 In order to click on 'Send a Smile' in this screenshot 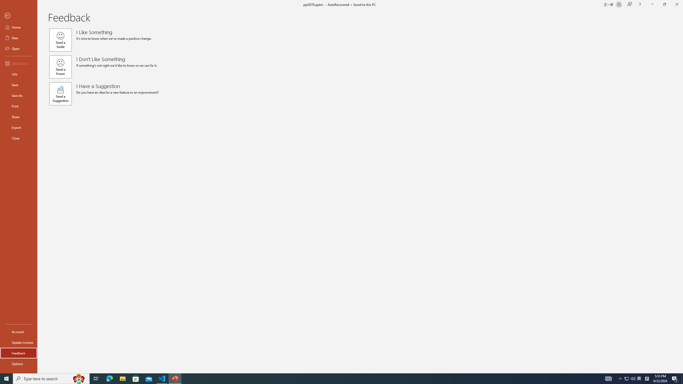, I will do `click(60, 40)`.